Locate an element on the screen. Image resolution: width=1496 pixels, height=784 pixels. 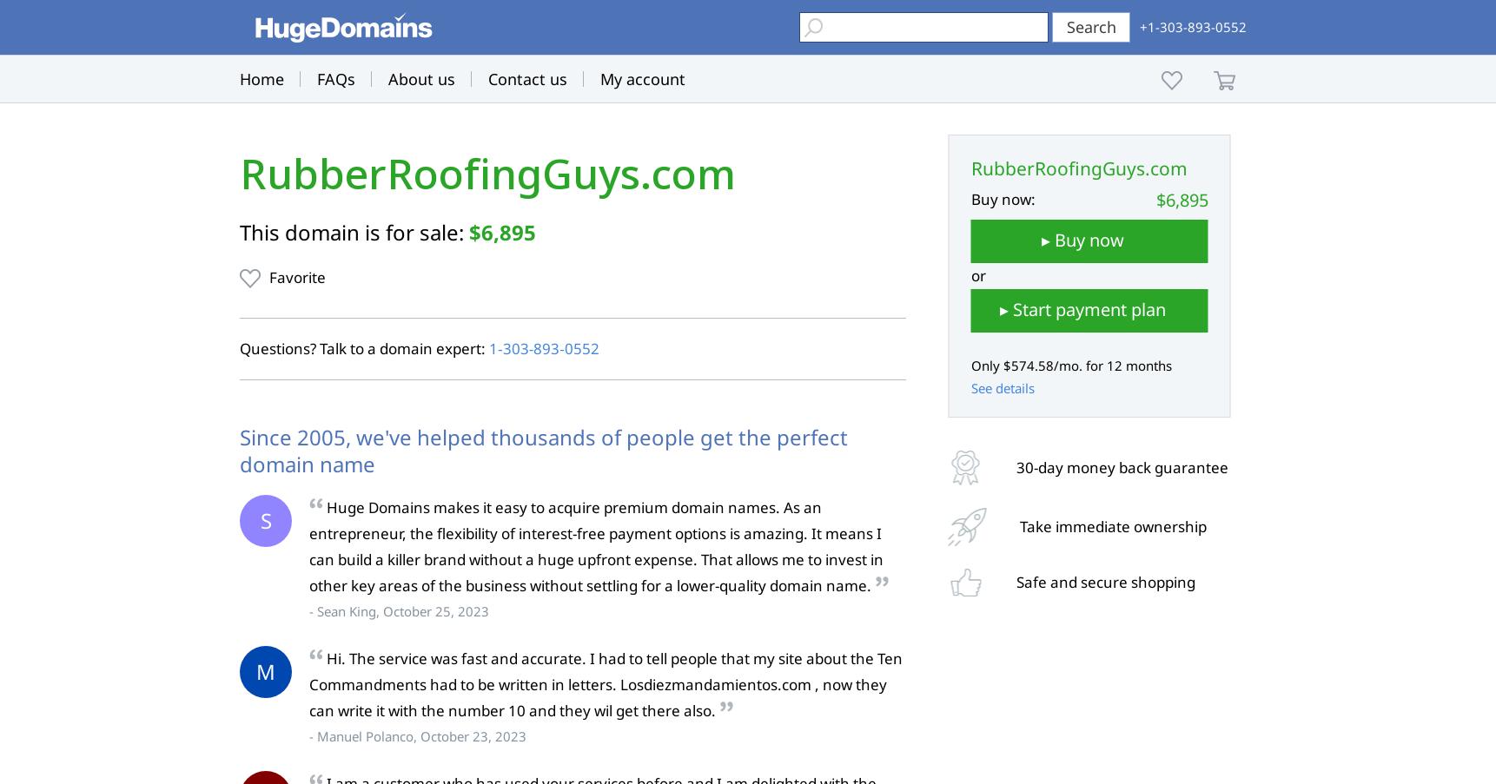
'Questions? Talk to a domain expert:' is located at coordinates (240, 347).